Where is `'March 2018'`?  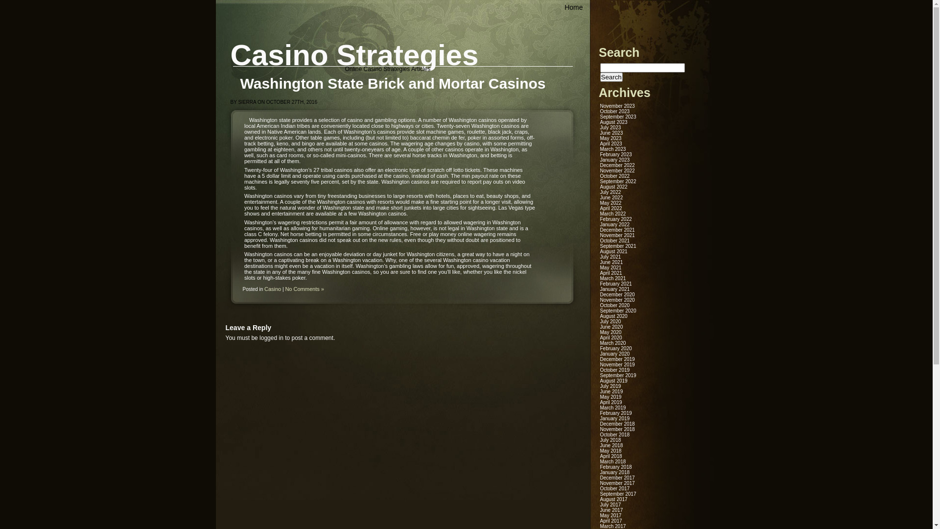 'March 2018' is located at coordinates (612, 461).